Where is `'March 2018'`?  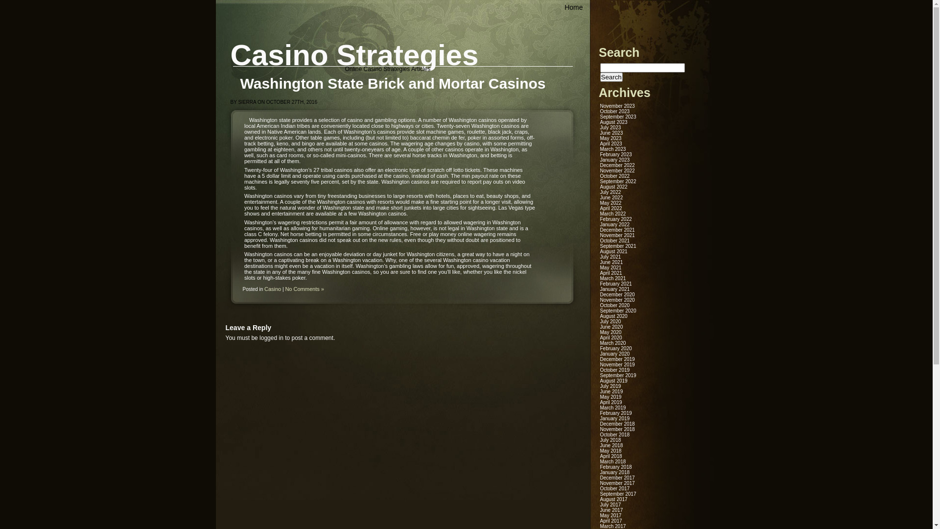 'March 2018' is located at coordinates (612, 461).